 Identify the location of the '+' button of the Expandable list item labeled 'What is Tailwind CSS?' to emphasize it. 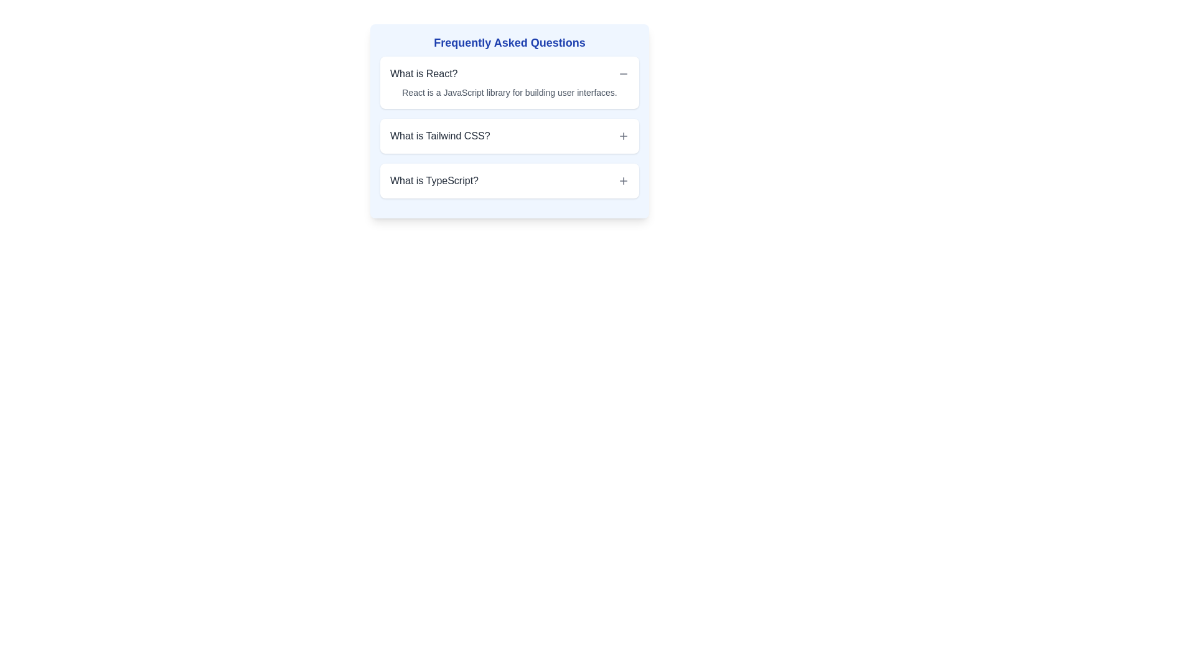
(510, 136).